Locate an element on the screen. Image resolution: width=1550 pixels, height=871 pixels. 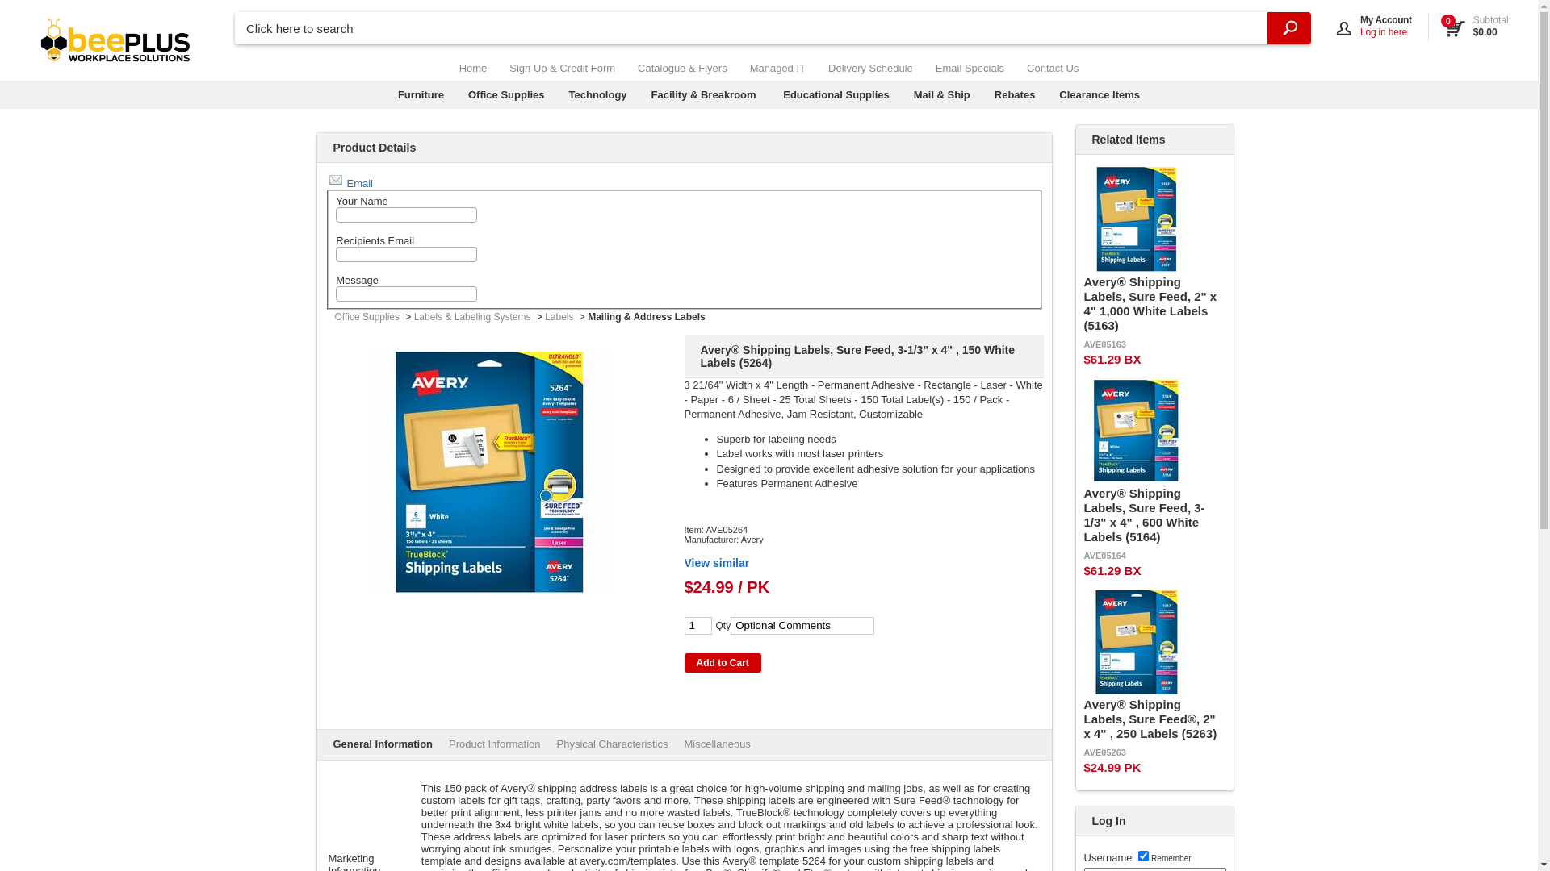
'General Information' is located at coordinates (382, 744).